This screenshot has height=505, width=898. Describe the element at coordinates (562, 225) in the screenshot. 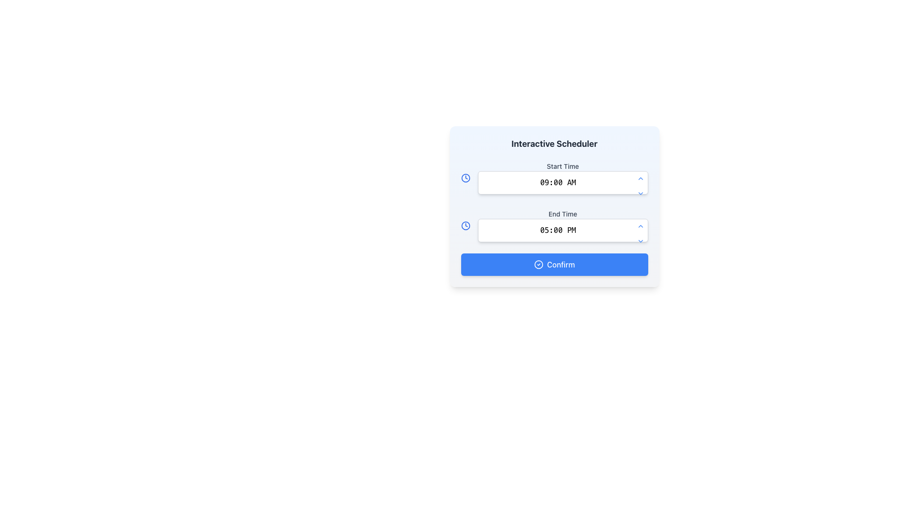

I see `onto the Time Picker Input field for keyboard input, located in the bottom section of the interactive scheduler UI, directly below the 'Start Time' input field` at that location.